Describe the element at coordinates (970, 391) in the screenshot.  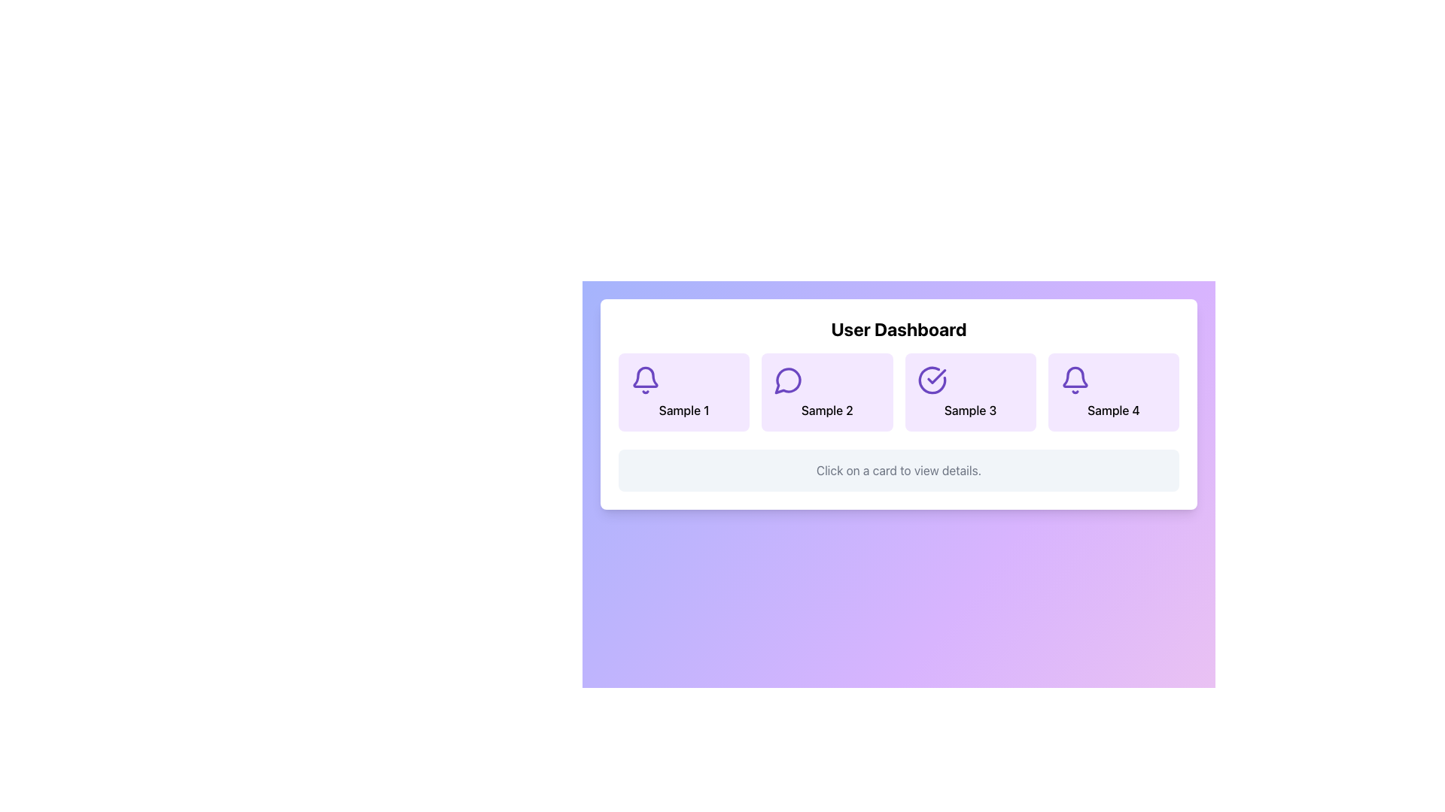
I see `the selectable card for 'Sample 3' to activate its hover state, which is located in the top row, third from the left in a grid layout` at that location.